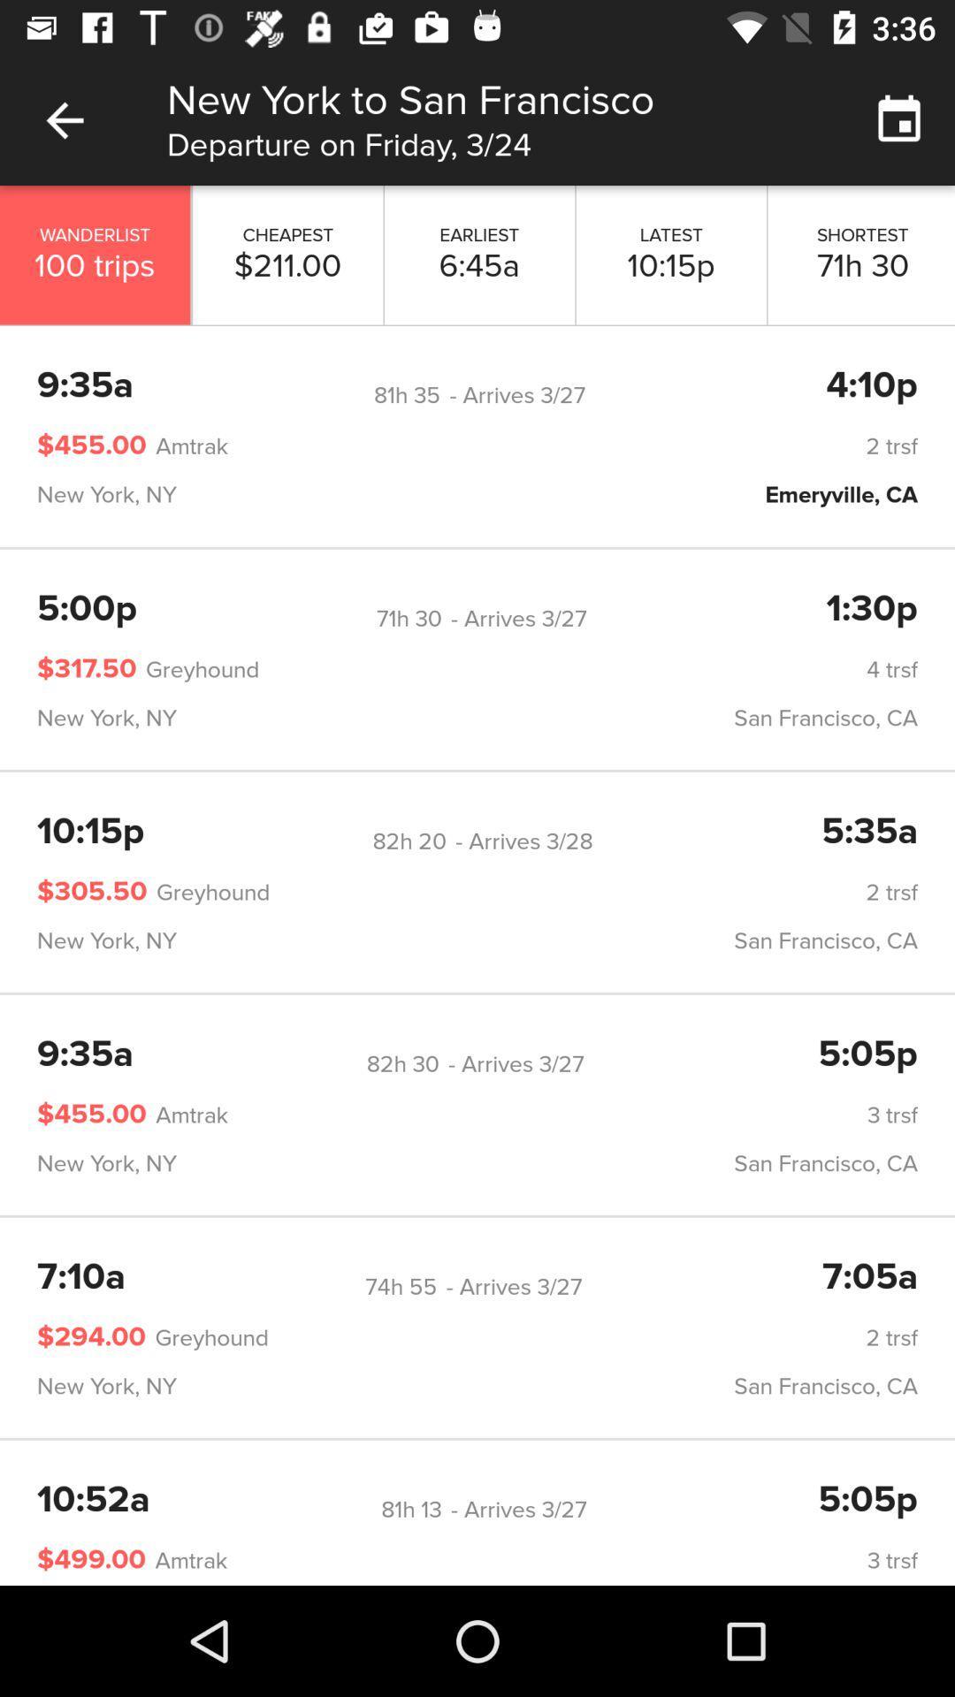 This screenshot has height=1697, width=955. What do you see at coordinates (401, 1287) in the screenshot?
I see `the item below new york, ny` at bounding box center [401, 1287].